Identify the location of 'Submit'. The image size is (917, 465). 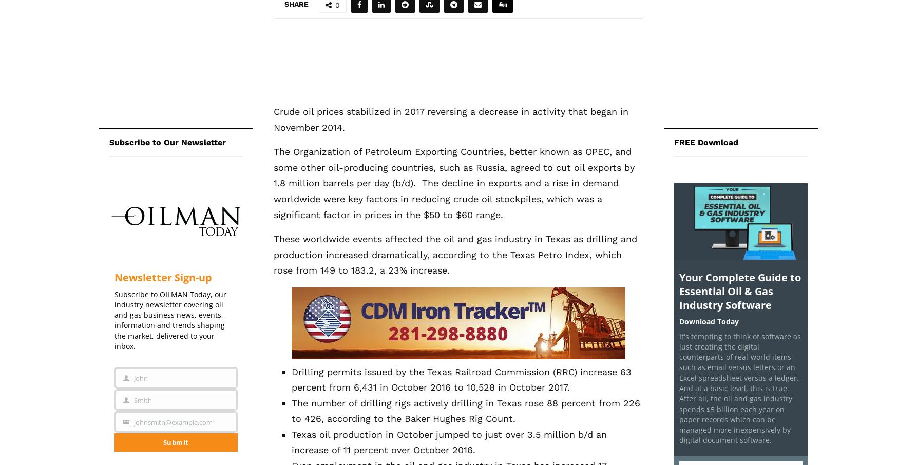
(176, 441).